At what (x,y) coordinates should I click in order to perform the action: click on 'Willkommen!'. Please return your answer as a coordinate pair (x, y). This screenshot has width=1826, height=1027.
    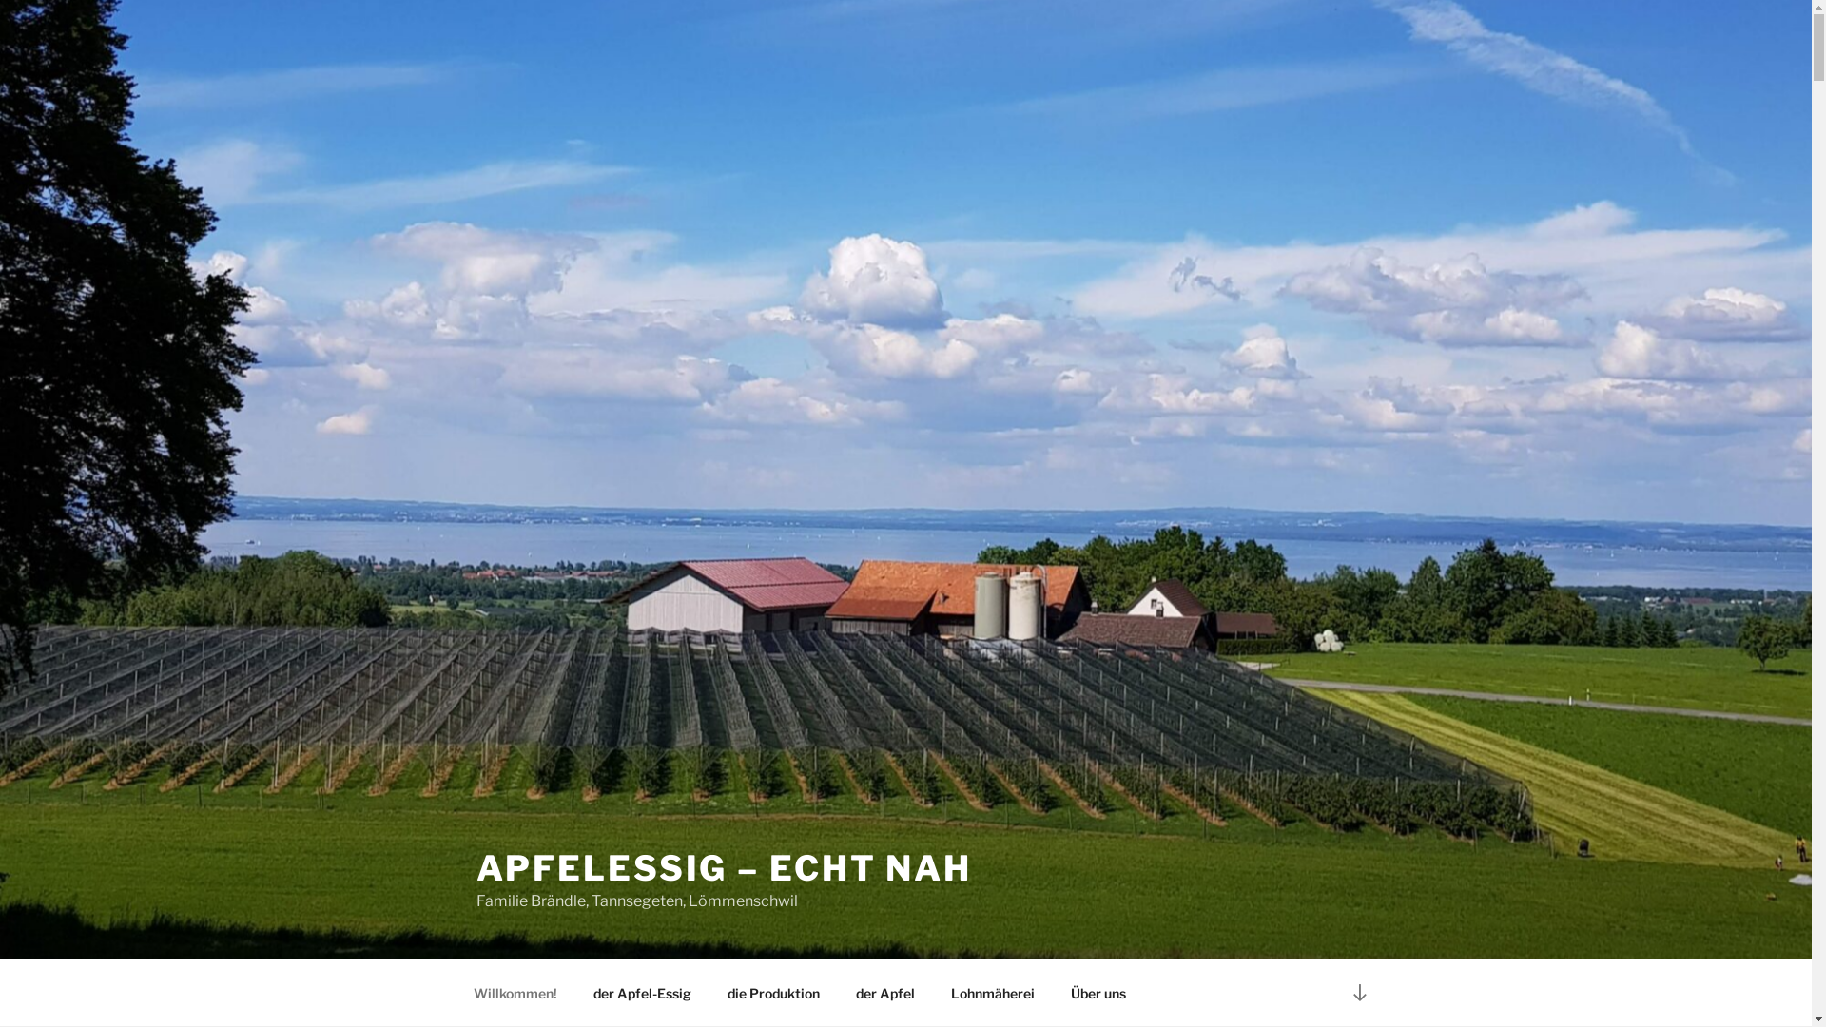
    Looking at the image, I should click on (456, 992).